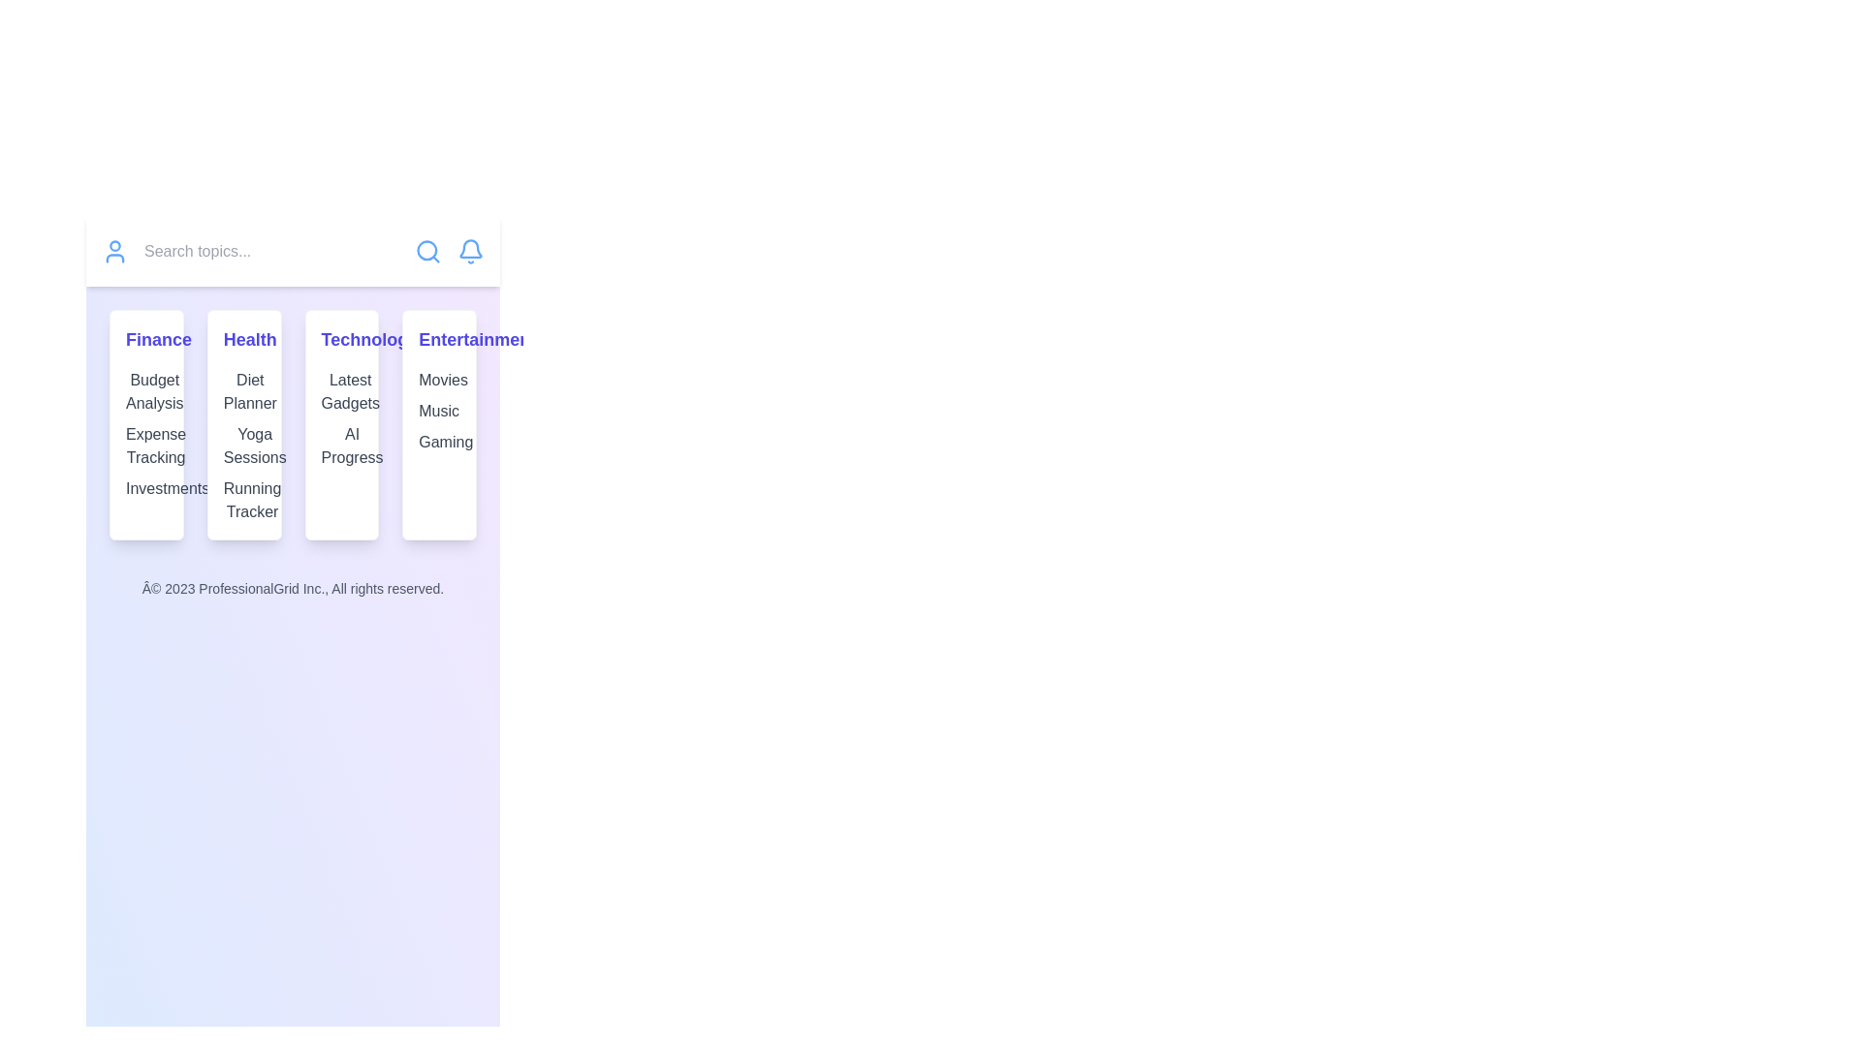  I want to click on the notification bell icon, which signifies the notification feature of the application, located at the top-right corner of the interface, so click(470, 248).